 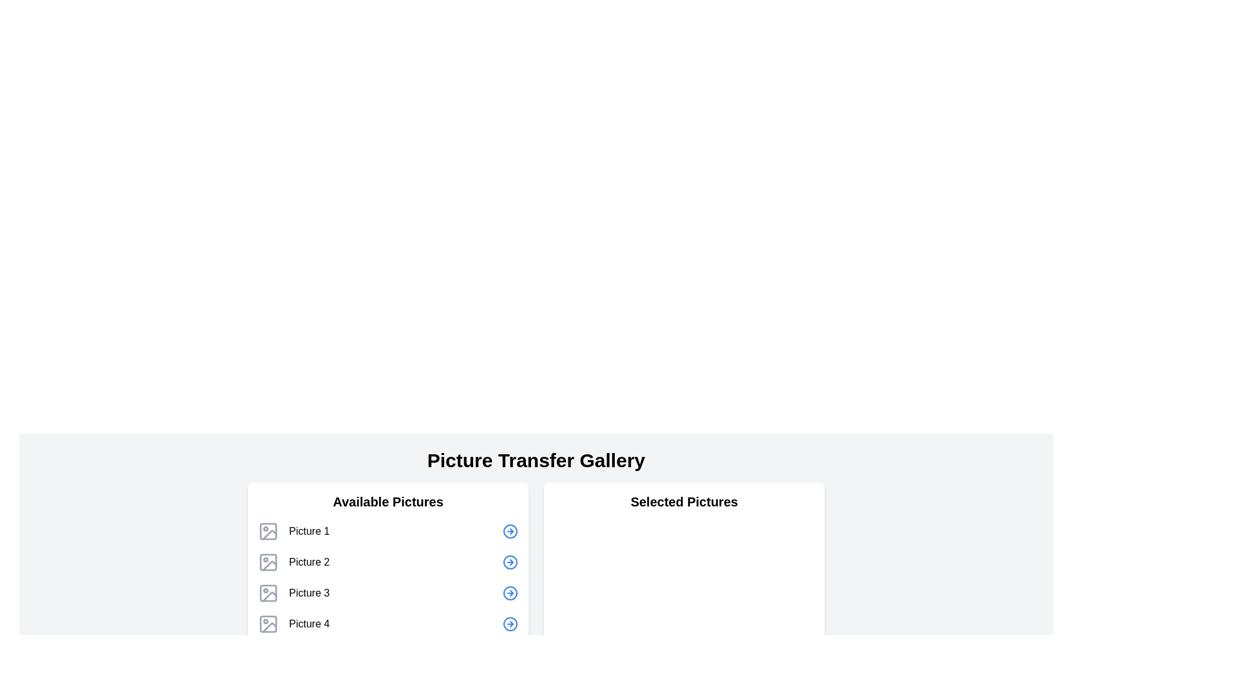 I want to click on the Graphical Background Component that serves as the background for the 'Picture 3' icon in the 'Available Pictures' column of the 'Picture Transfer Gallery' interface, so click(x=268, y=593).